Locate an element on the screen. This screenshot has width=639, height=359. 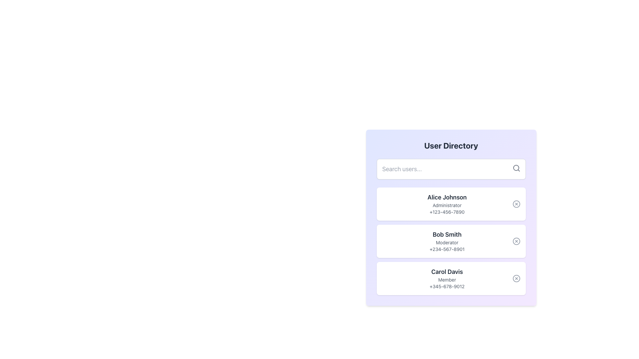
the text label 'Bob Smith' is located at coordinates (447, 234).